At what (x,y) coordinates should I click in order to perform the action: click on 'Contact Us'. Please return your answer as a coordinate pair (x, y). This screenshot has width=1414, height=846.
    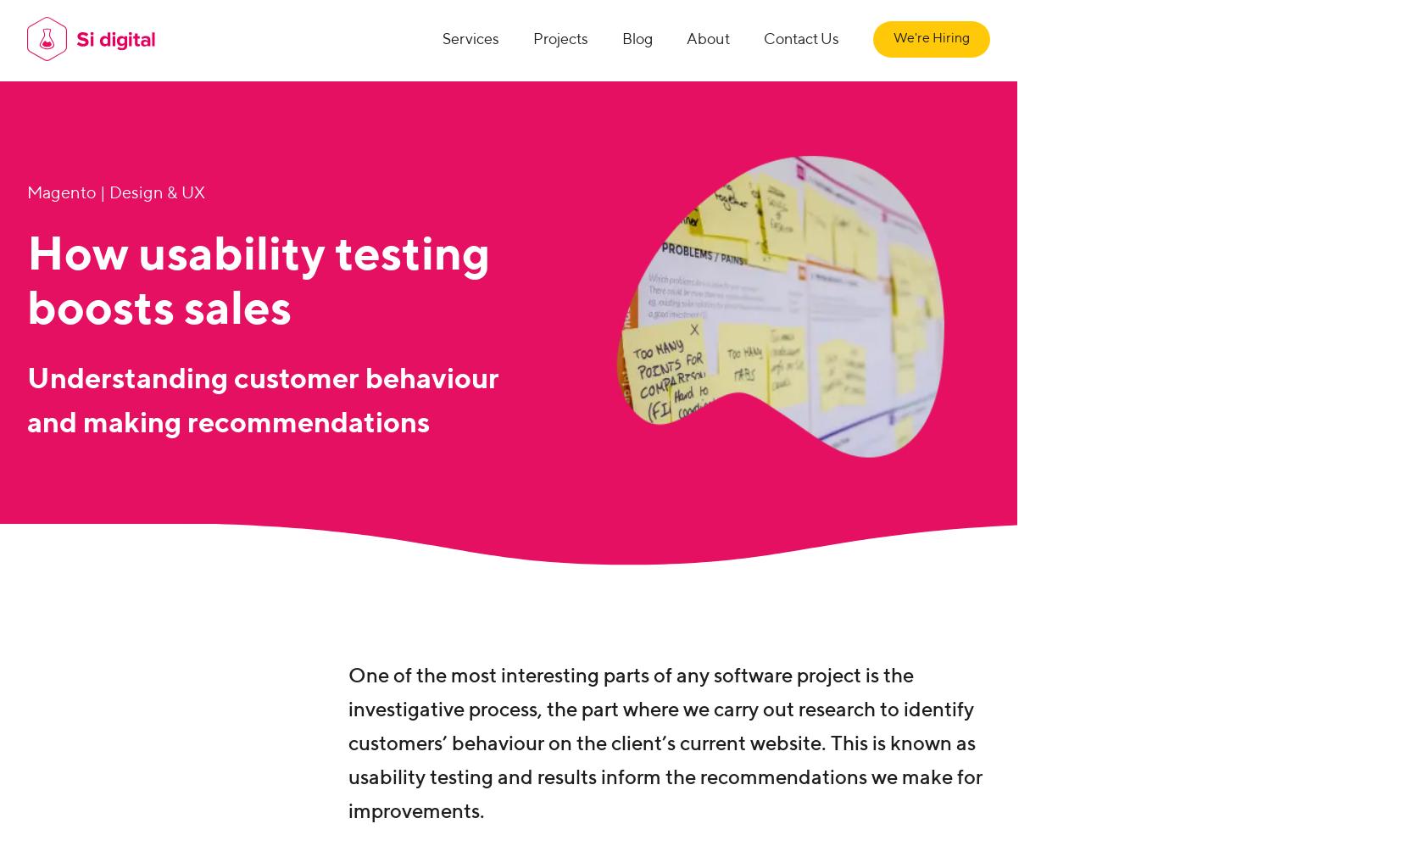
    Looking at the image, I should click on (800, 40).